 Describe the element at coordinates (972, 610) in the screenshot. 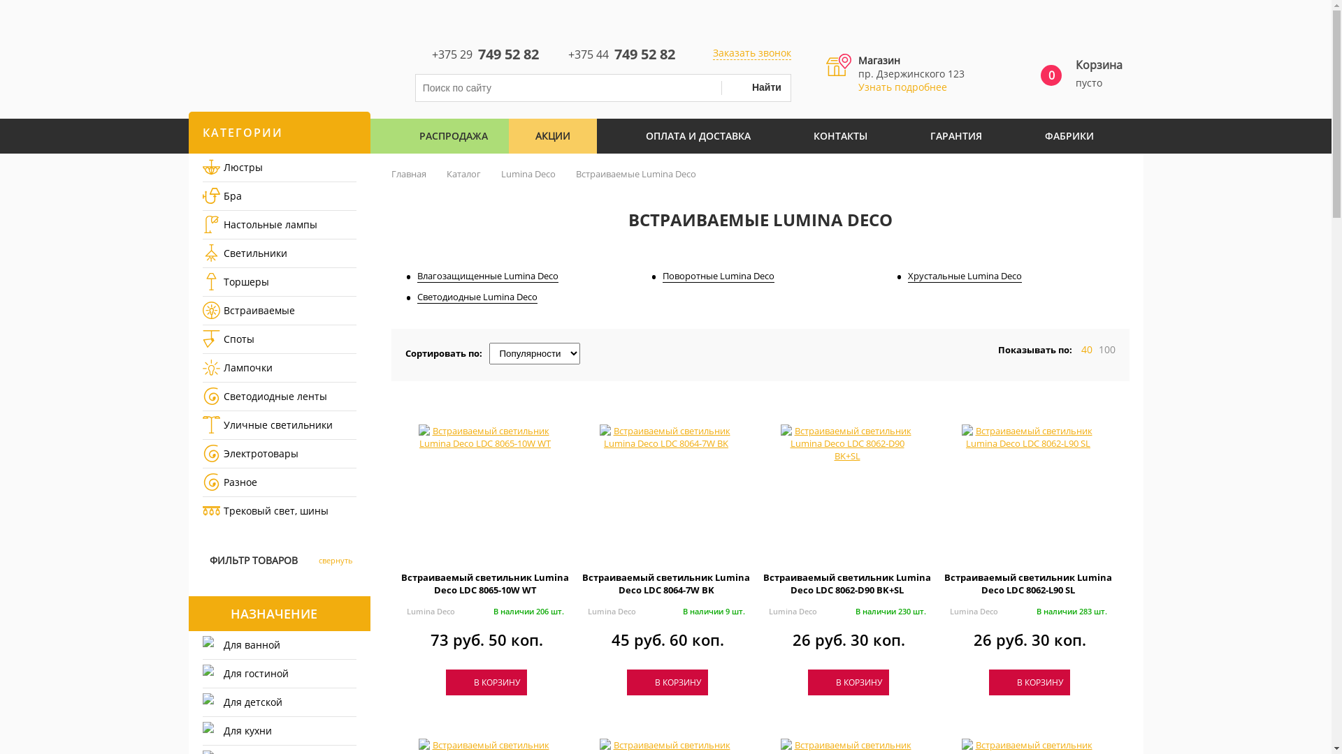

I see `'Lumina Deco'` at that location.